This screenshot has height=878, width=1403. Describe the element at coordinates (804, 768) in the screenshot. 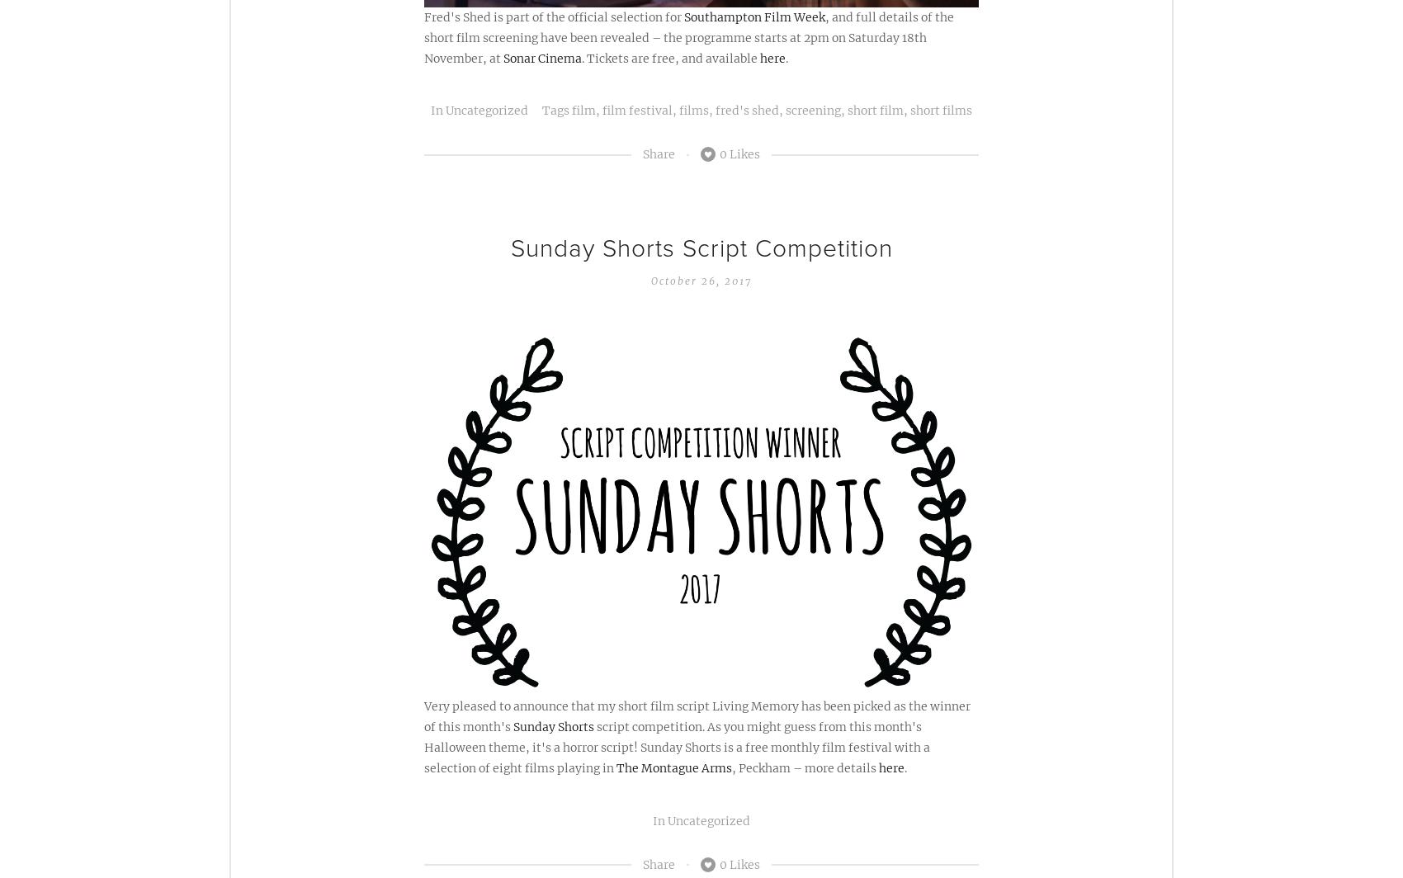

I see `', Peckham – more details'` at that location.